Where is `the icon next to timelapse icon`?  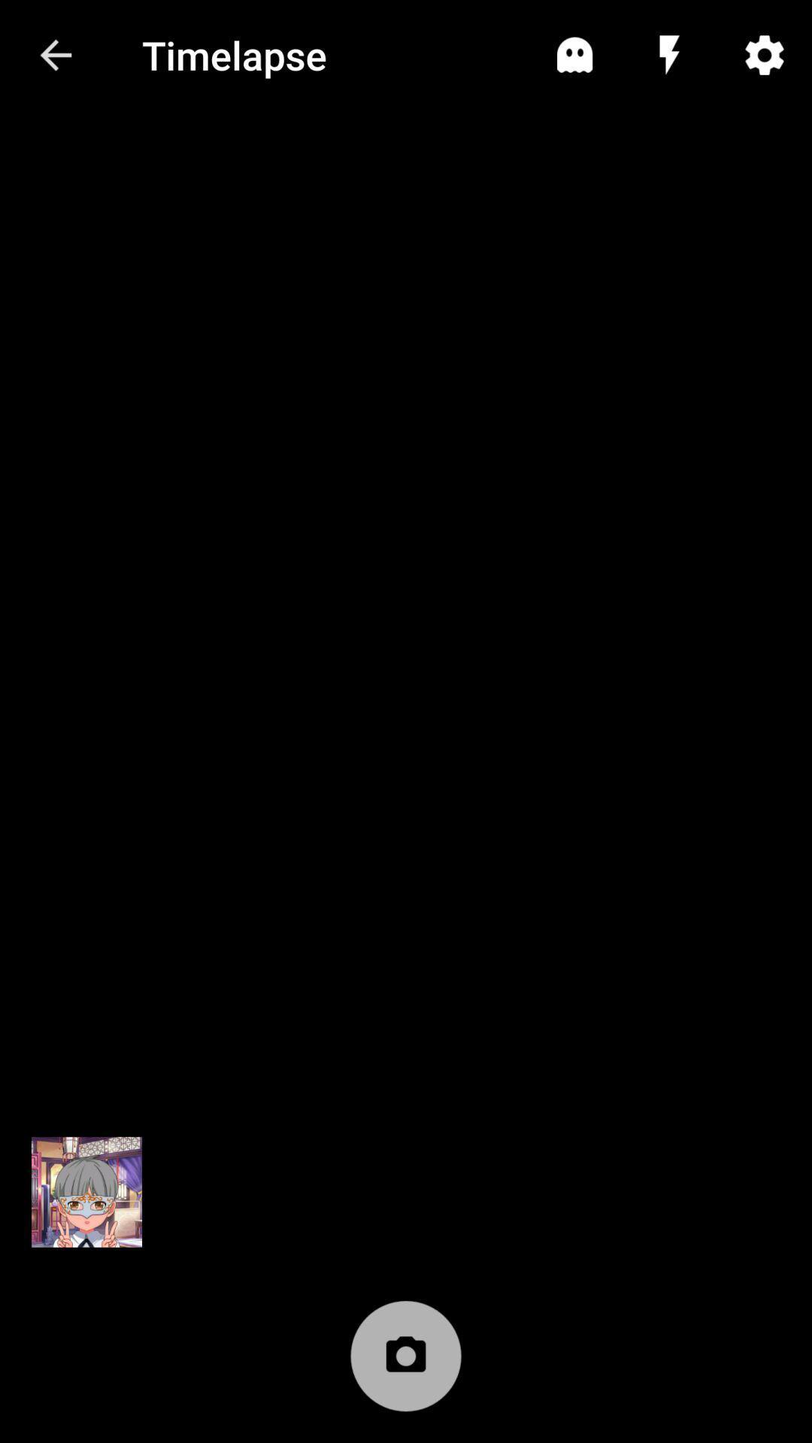
the icon next to timelapse icon is located at coordinates (574, 55).